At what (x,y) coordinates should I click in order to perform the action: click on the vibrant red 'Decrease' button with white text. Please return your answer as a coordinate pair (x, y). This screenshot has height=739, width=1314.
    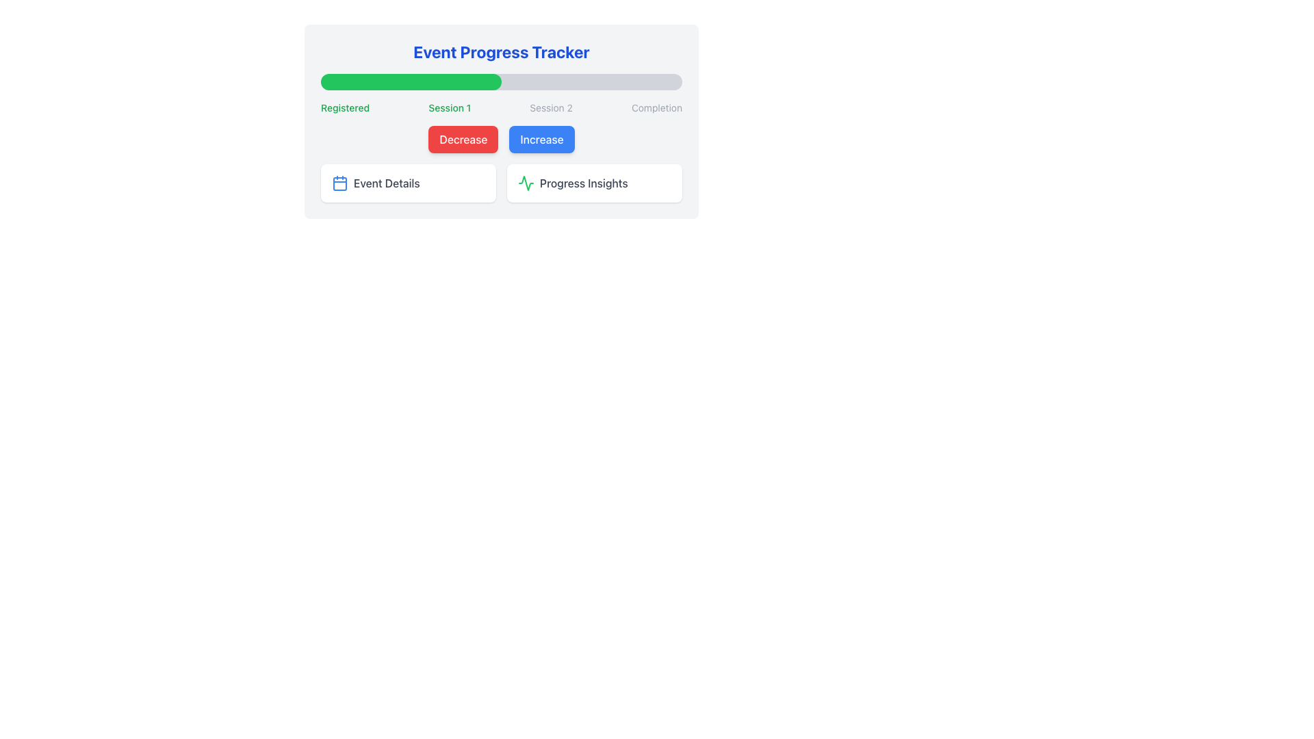
    Looking at the image, I should click on (463, 140).